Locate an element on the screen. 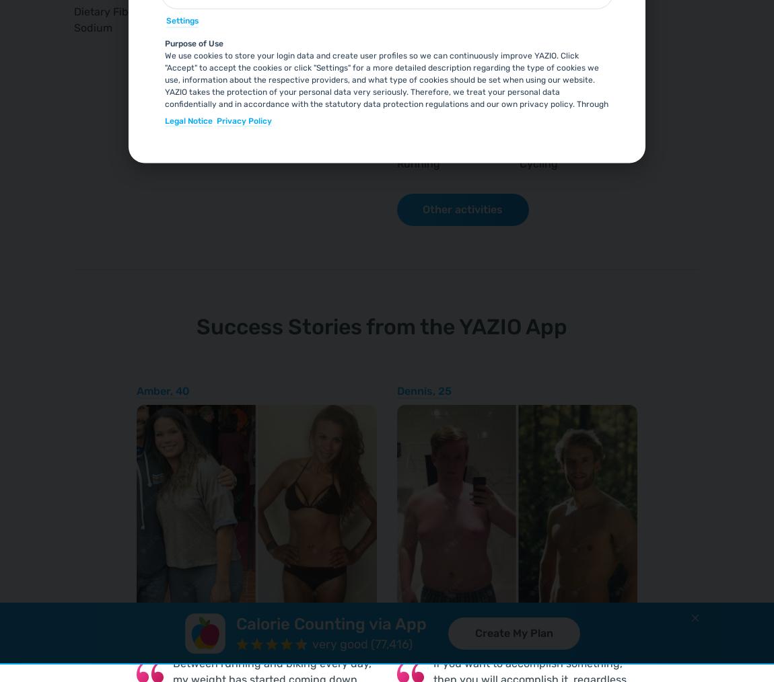 The width and height of the screenshot is (774, 682). '0.5' is located at coordinates (242, 11).